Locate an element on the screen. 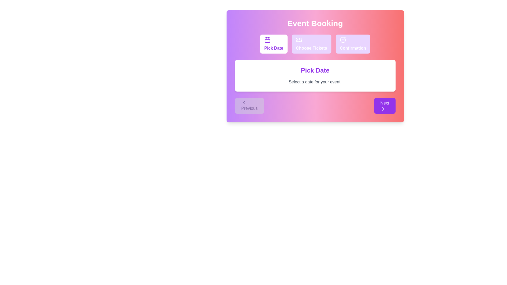 This screenshot has height=285, width=507. the square icon with rounded corners located centrally within the calendar icon in the 'Pick Date' selection area is located at coordinates (267, 40).